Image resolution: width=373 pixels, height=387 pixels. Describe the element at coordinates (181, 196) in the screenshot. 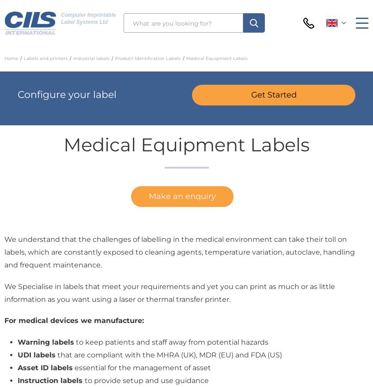

I see `'Make an enquiry'` at that location.